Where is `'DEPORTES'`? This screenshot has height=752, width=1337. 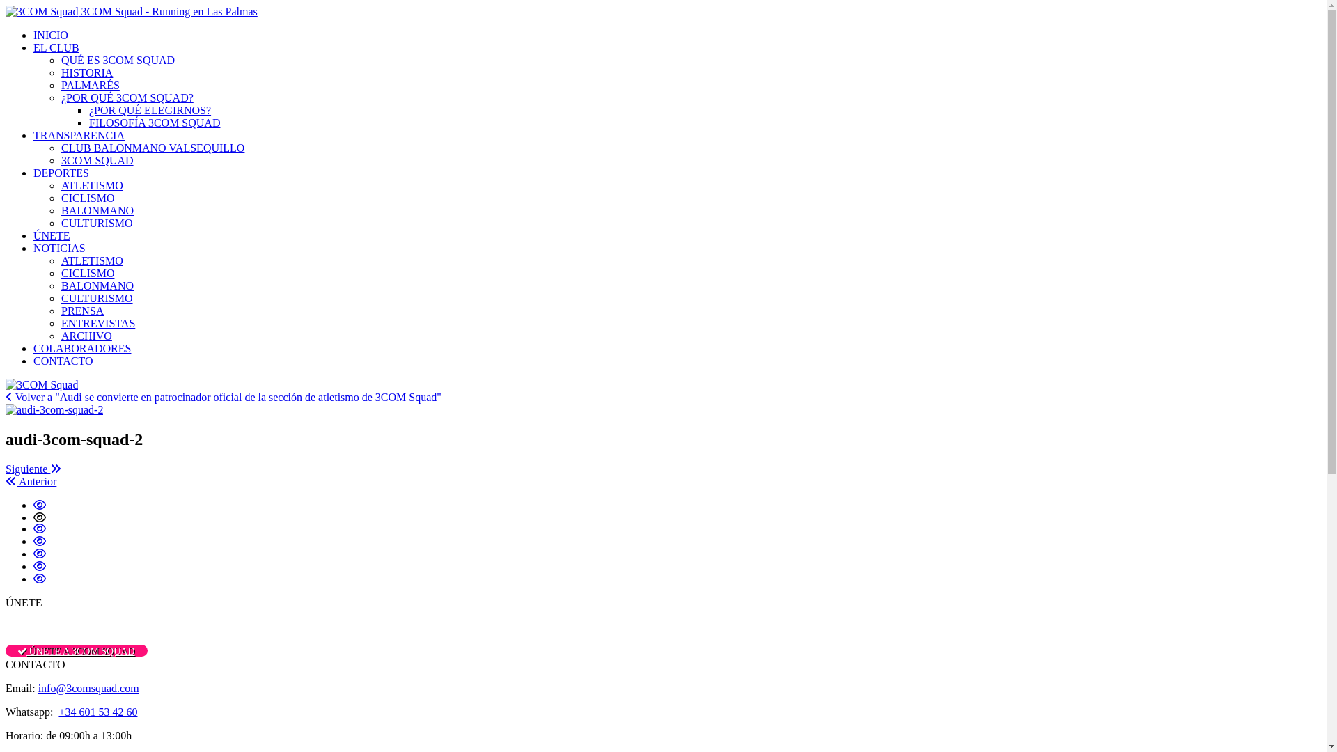 'DEPORTES' is located at coordinates (60, 172).